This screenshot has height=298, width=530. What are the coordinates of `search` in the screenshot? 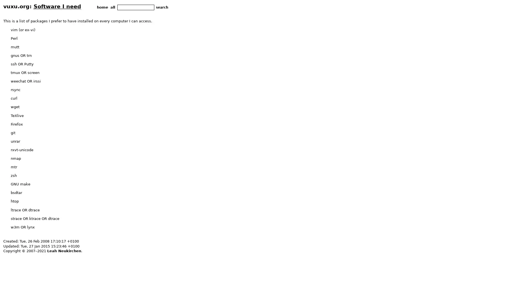 It's located at (162, 7).